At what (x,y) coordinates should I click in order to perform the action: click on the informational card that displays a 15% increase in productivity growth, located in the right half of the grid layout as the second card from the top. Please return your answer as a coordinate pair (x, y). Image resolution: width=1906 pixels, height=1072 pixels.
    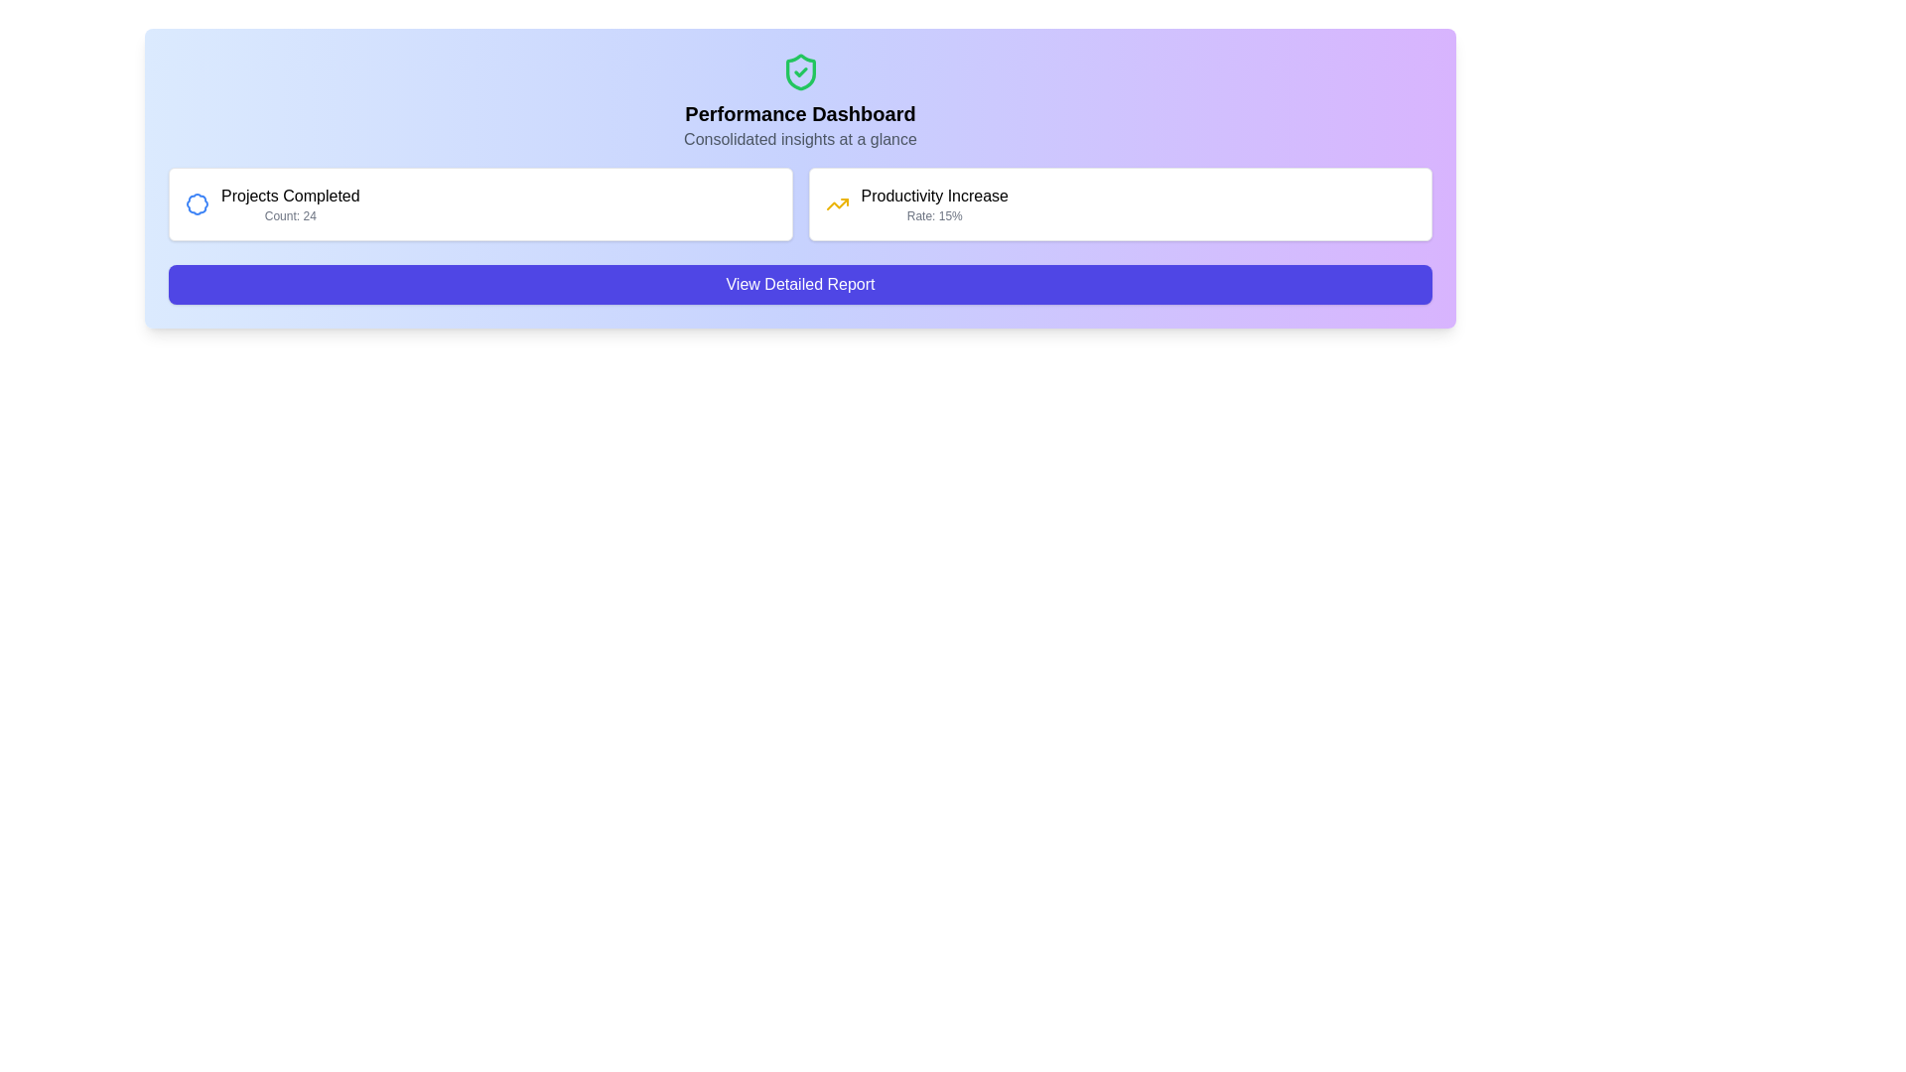
    Looking at the image, I should click on (1120, 203).